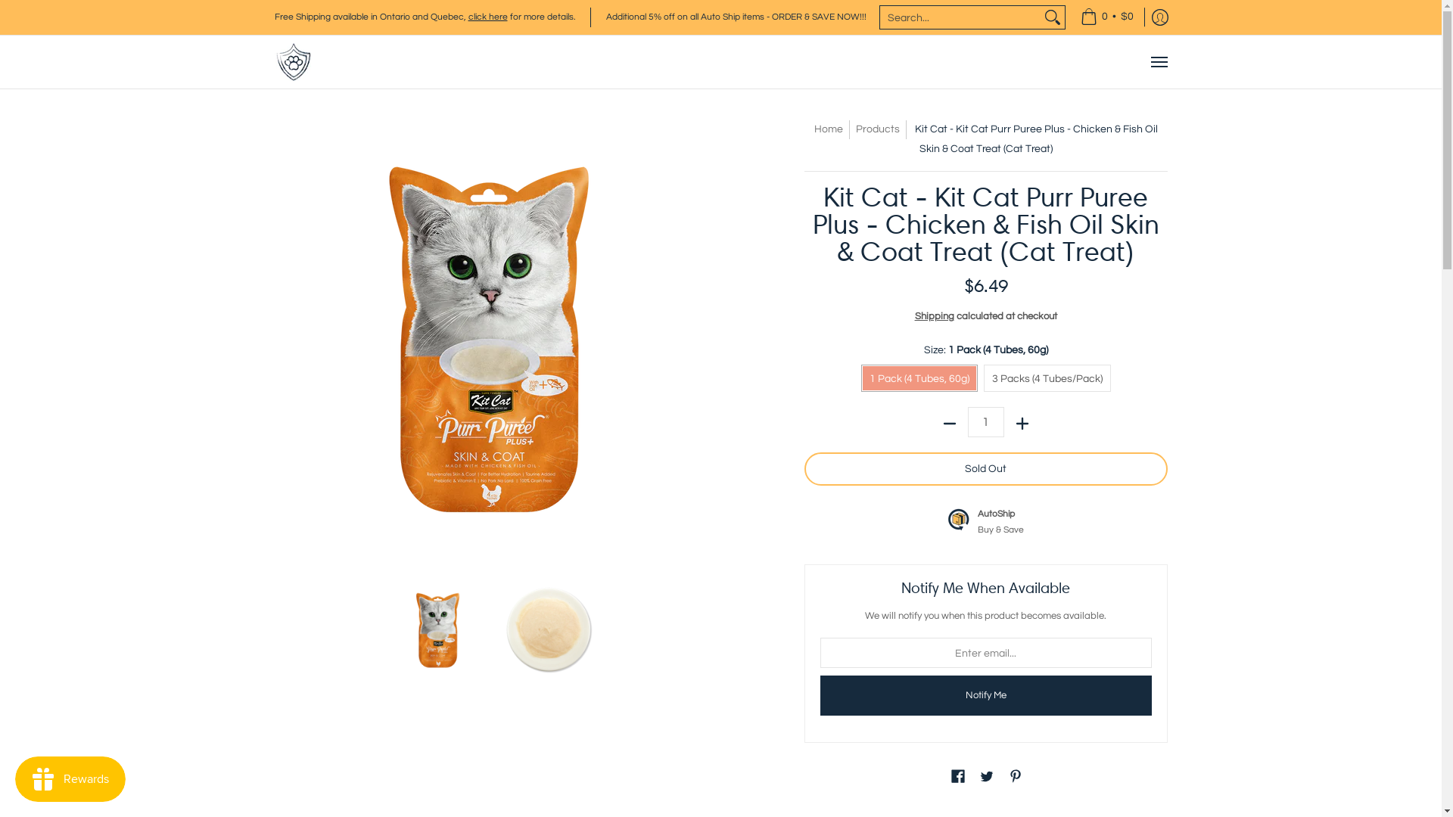 The height and width of the screenshot is (817, 1453). What do you see at coordinates (14, 778) in the screenshot?
I see `'Smile.io Rewards Program Launcher'` at bounding box center [14, 778].